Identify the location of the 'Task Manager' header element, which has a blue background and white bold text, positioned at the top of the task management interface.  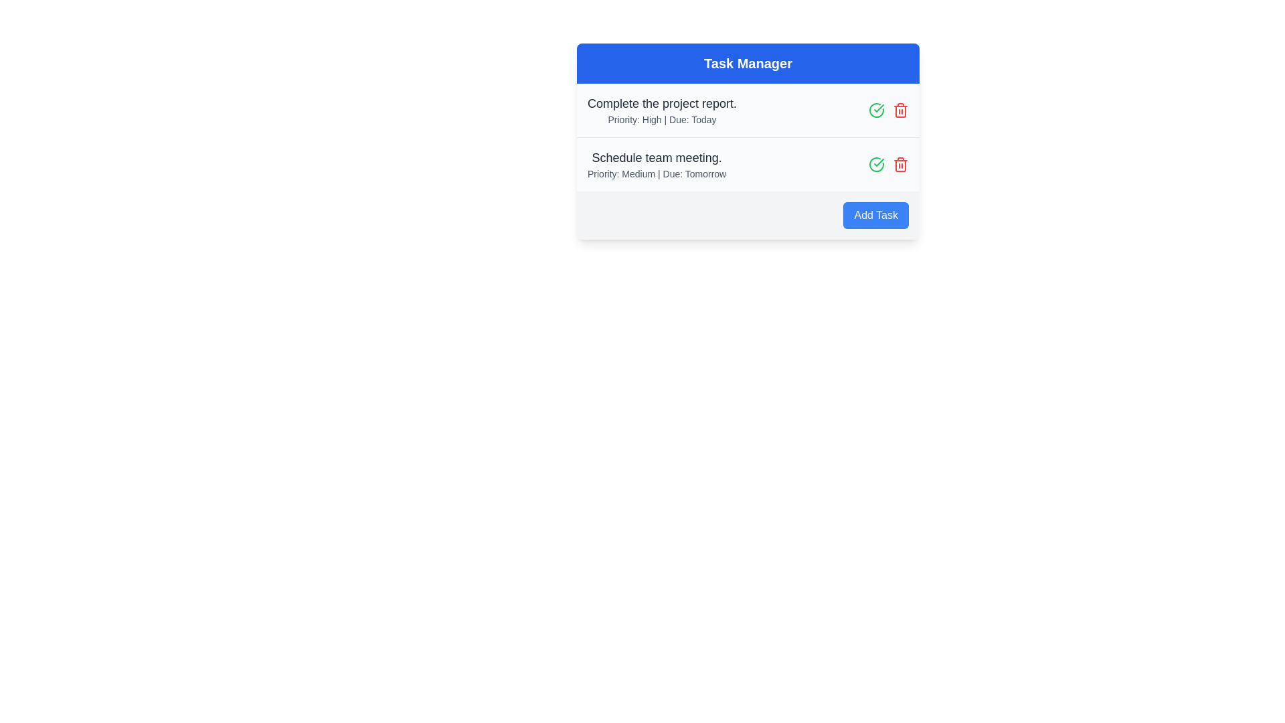
(748, 64).